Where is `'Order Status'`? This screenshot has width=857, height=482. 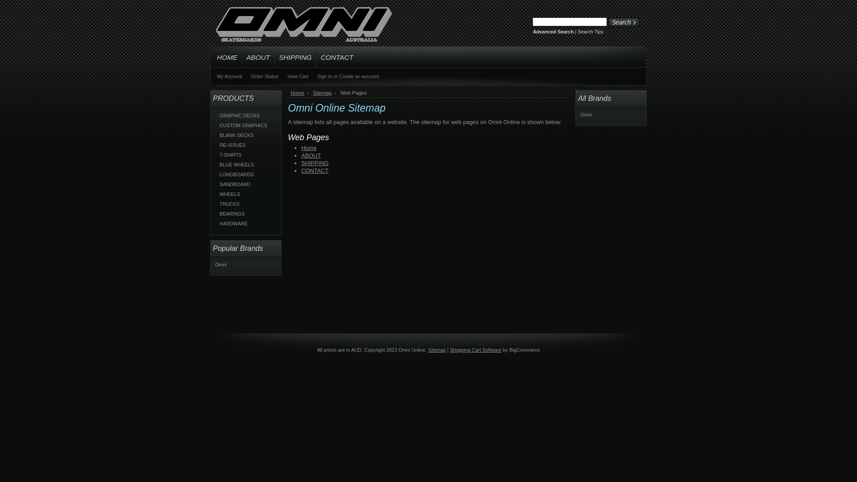 'Order Status' is located at coordinates (264, 75).